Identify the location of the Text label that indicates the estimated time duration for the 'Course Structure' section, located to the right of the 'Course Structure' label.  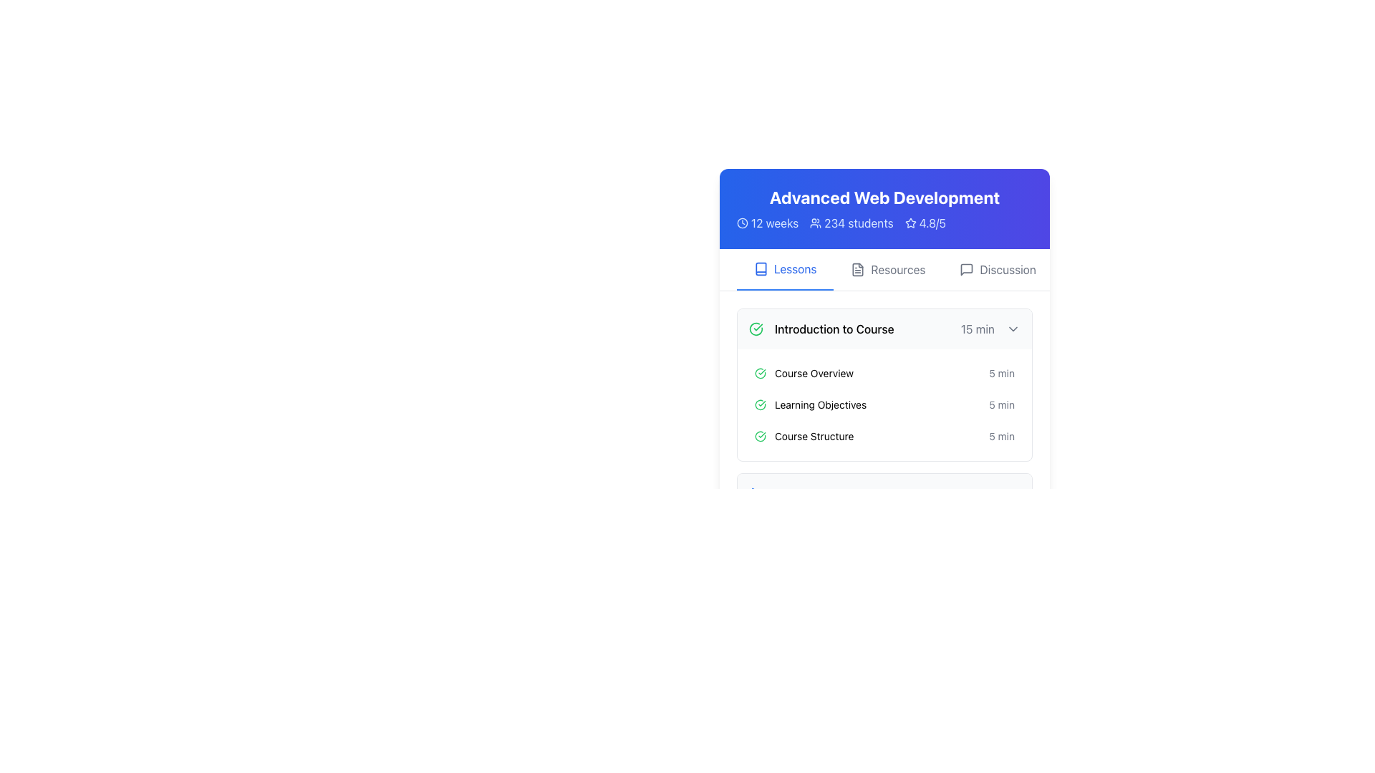
(1001, 435).